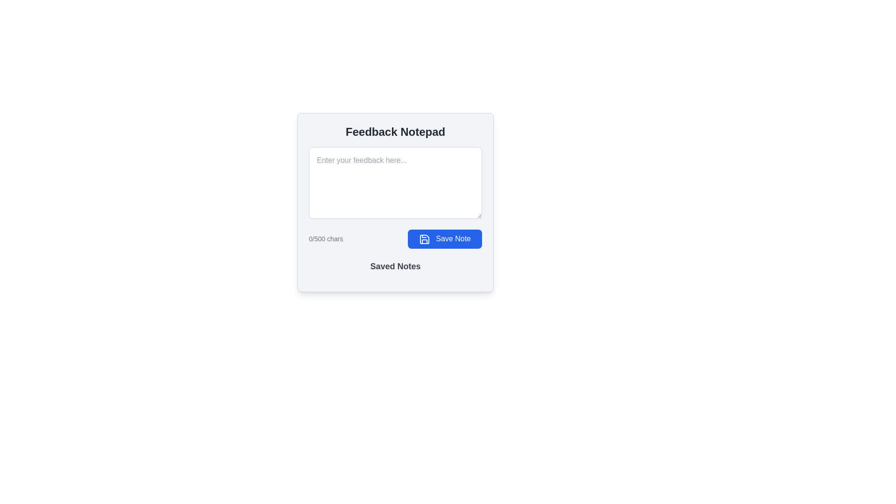 Image resolution: width=896 pixels, height=504 pixels. I want to click on the 'Feedback Notepad' heading, which displays in bold and large font at the top of the feedback submission form, so click(395, 132).